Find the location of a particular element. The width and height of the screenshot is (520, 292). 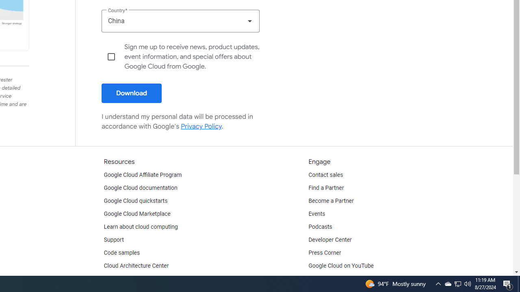

'Podcasts' is located at coordinates (320, 227).